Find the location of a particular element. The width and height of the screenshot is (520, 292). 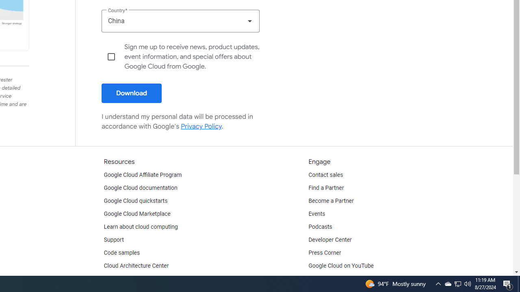

'Podcasts' is located at coordinates (320, 227).